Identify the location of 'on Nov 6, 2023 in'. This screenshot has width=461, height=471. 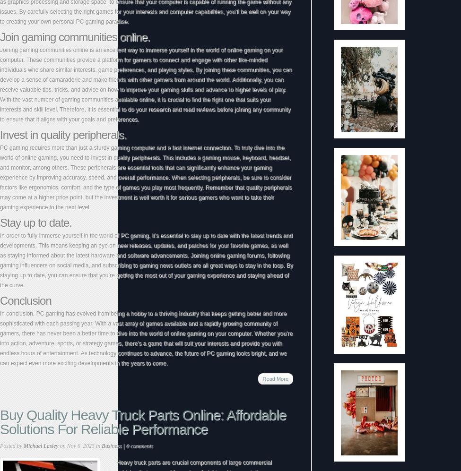
(58, 445).